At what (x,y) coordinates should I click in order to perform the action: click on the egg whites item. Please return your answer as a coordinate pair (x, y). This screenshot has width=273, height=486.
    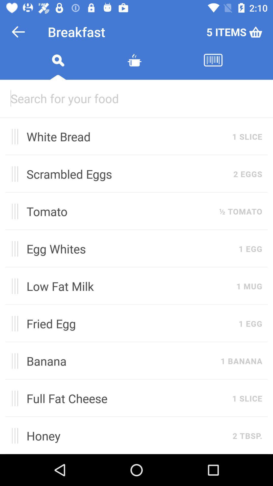
    Looking at the image, I should click on (129, 249).